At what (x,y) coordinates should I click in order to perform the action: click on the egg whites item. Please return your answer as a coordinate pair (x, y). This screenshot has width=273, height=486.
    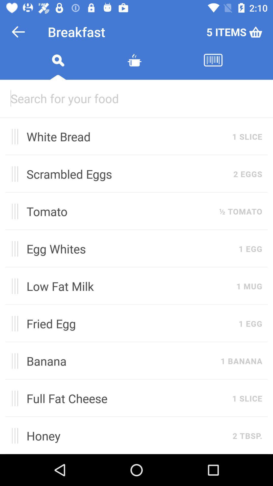
    Looking at the image, I should click on (129, 249).